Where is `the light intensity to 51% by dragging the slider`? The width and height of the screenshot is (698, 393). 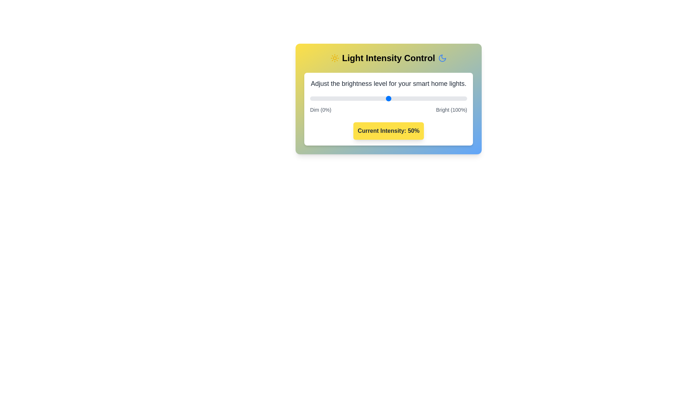 the light intensity to 51% by dragging the slider is located at coordinates (390, 98).